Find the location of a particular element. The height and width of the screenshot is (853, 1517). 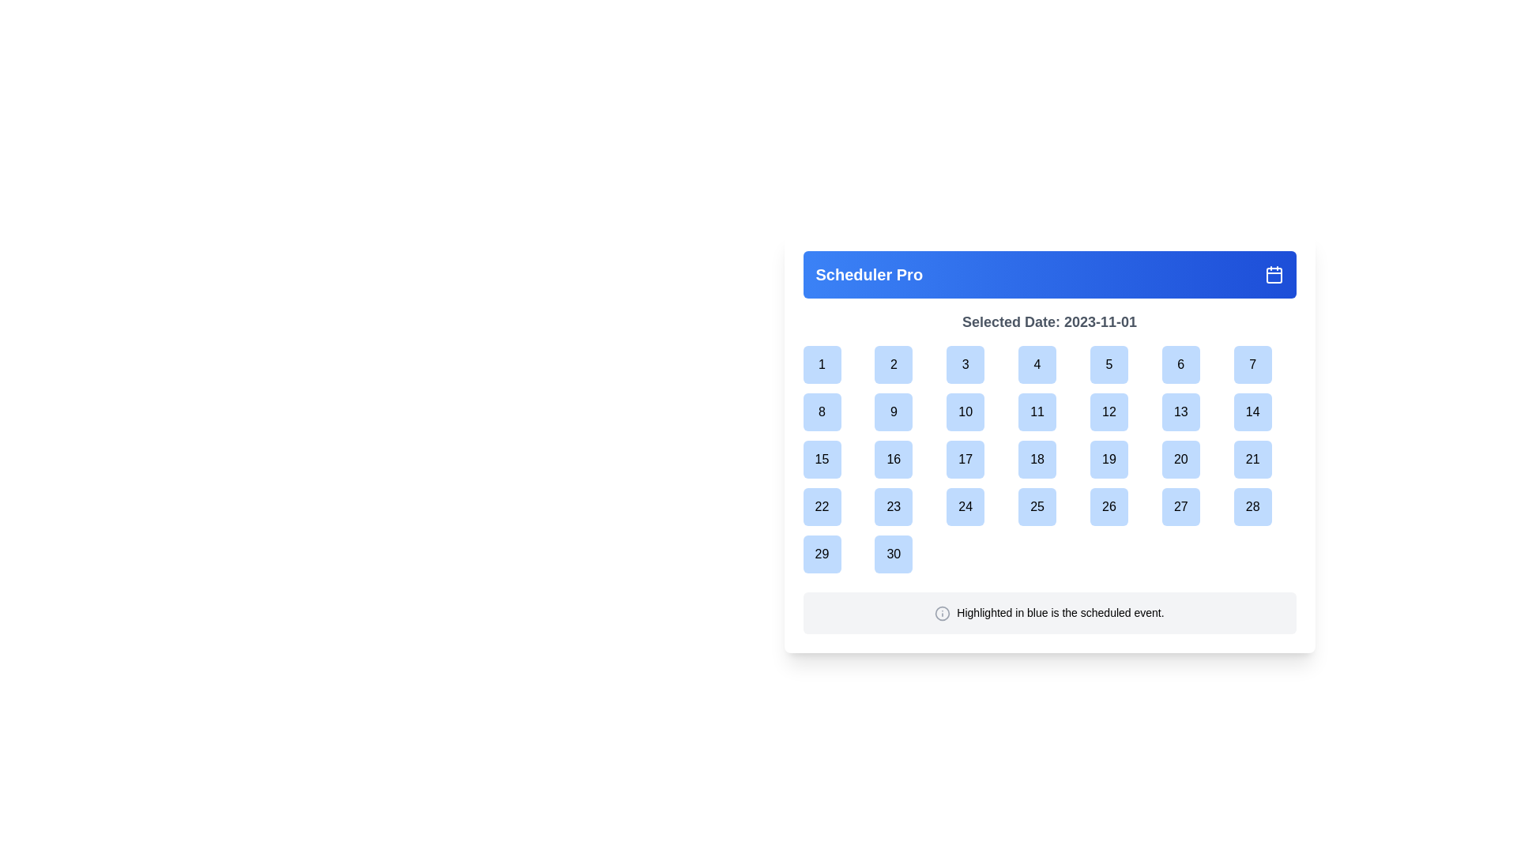

the button representing the date '14' in the calendar grid, located in the second row and seventh column is located at coordinates (1252, 411).